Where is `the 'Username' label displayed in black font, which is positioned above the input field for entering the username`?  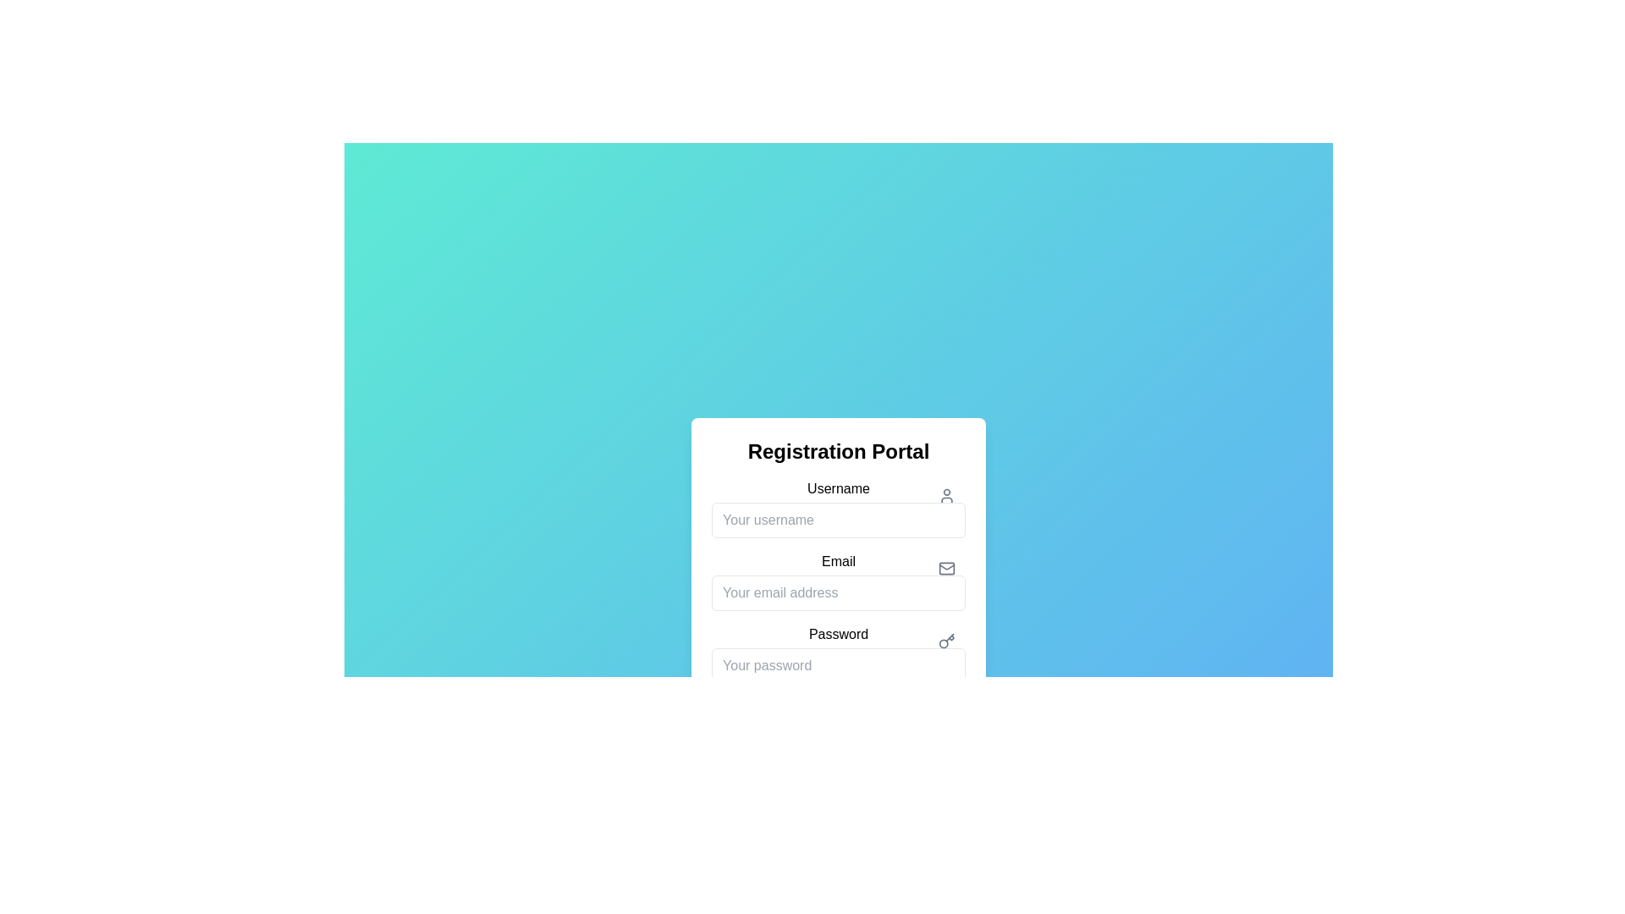 the 'Username' label displayed in black font, which is positioned above the input field for entering the username is located at coordinates (838, 488).